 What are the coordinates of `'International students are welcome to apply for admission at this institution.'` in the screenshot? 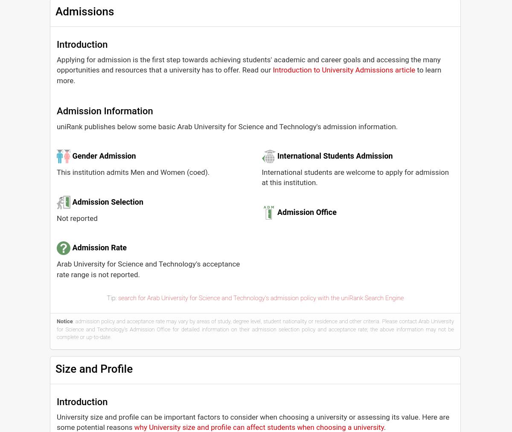 It's located at (355, 177).